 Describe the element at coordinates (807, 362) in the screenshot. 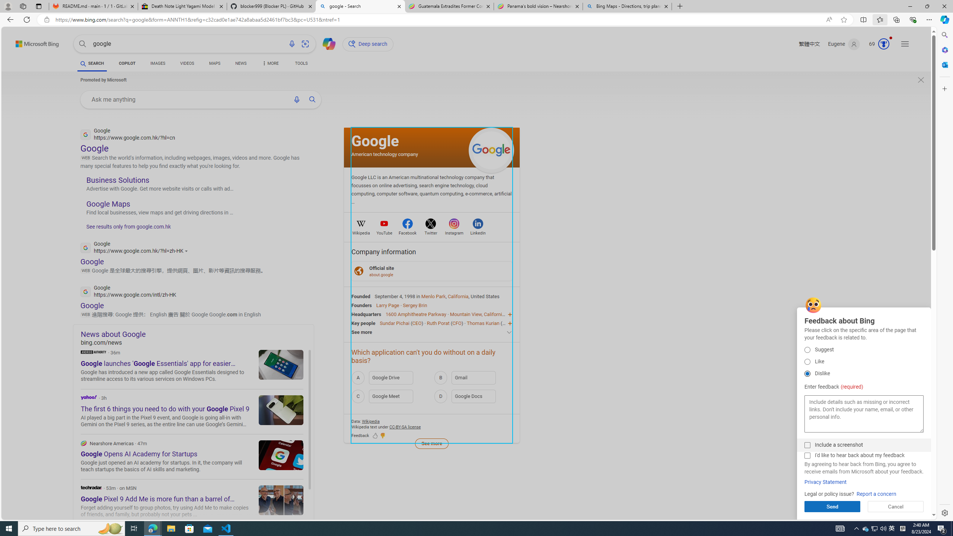

I see `'Like'` at that location.